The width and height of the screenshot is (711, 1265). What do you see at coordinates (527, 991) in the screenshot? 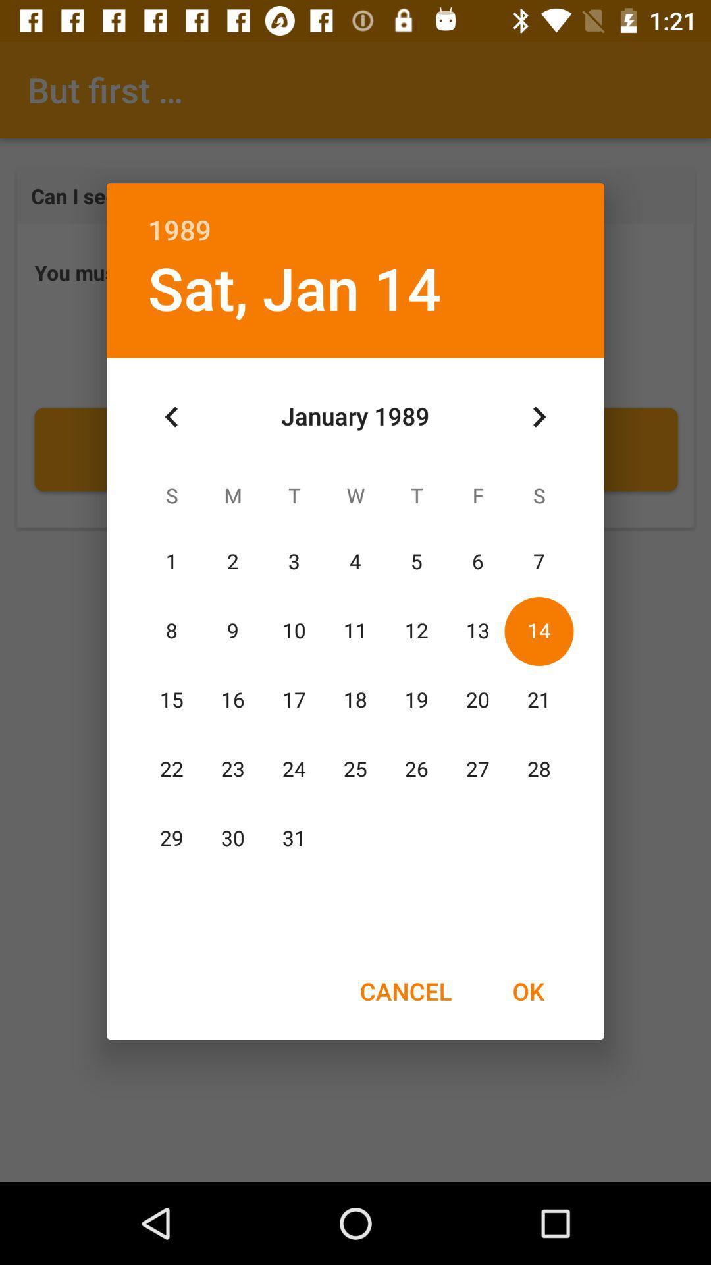
I see `the item next to the cancel` at bounding box center [527, 991].